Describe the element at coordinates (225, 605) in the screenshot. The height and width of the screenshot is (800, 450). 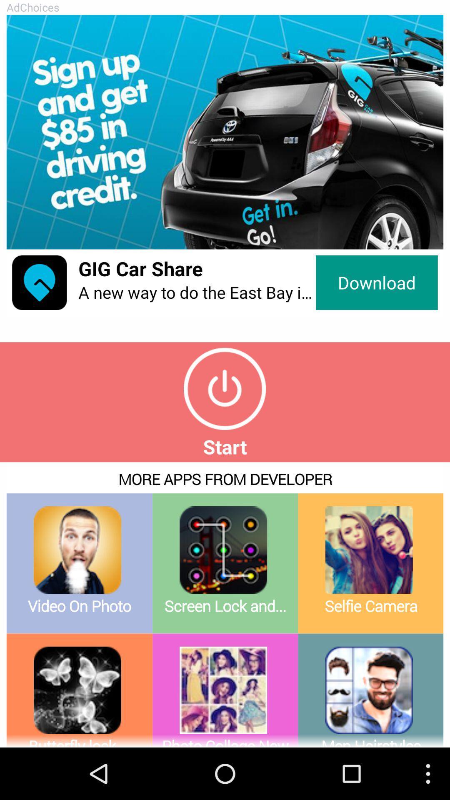
I see `more apps` at that location.